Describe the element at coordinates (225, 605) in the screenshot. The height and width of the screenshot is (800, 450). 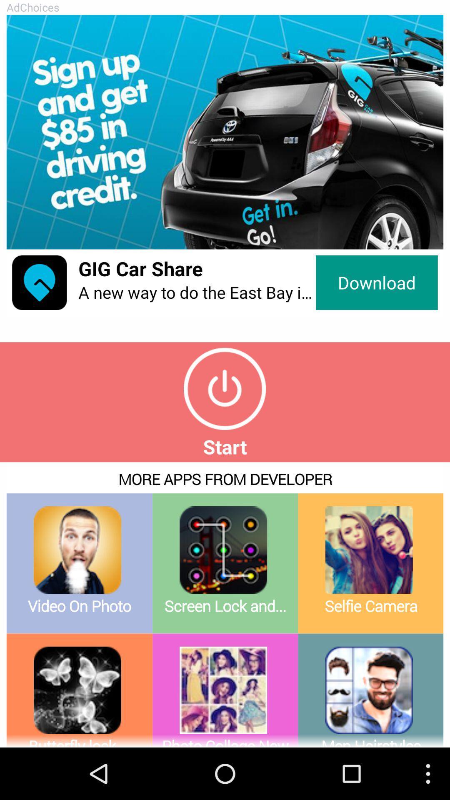
I see `more apps` at that location.